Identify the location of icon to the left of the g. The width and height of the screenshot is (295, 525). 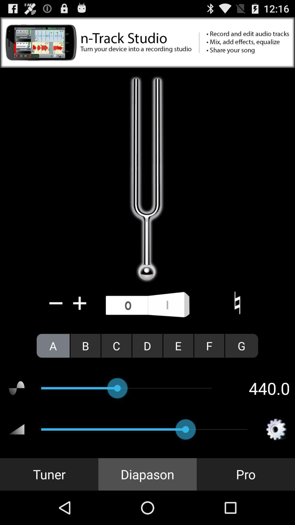
(209, 345).